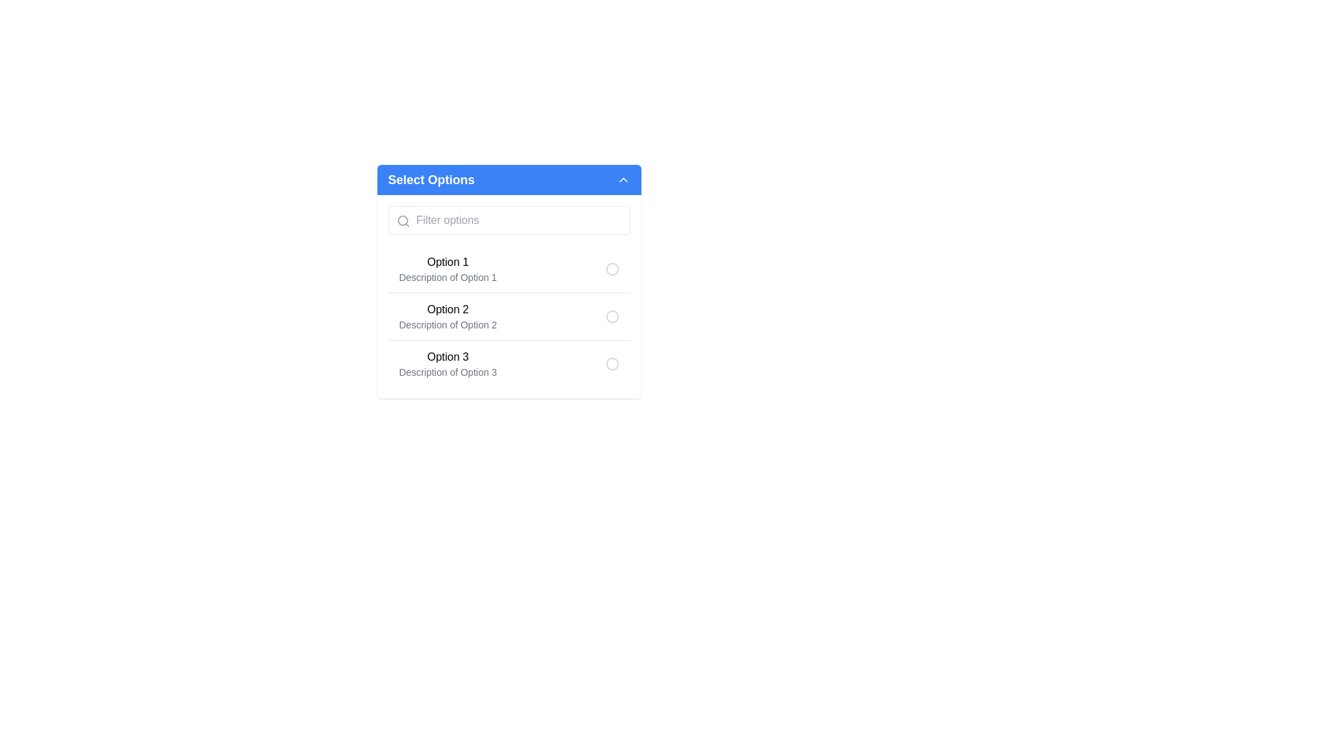 The height and width of the screenshot is (742, 1320). I want to click on the circular selection control (radio button) located to the right of the 'Option 1' text, so click(611, 269).